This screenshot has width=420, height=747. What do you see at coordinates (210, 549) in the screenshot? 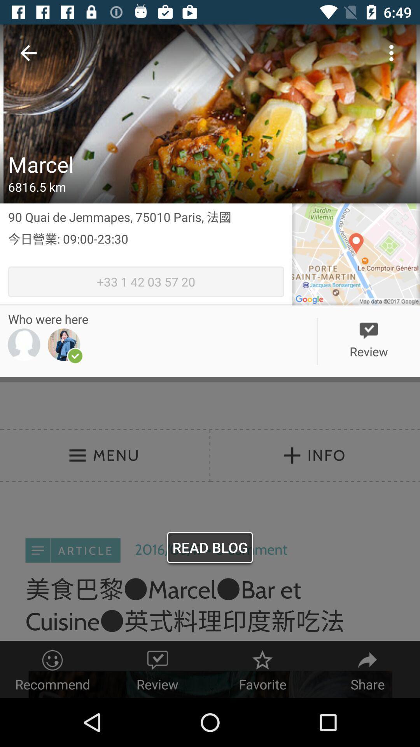
I see `the read blog` at bounding box center [210, 549].